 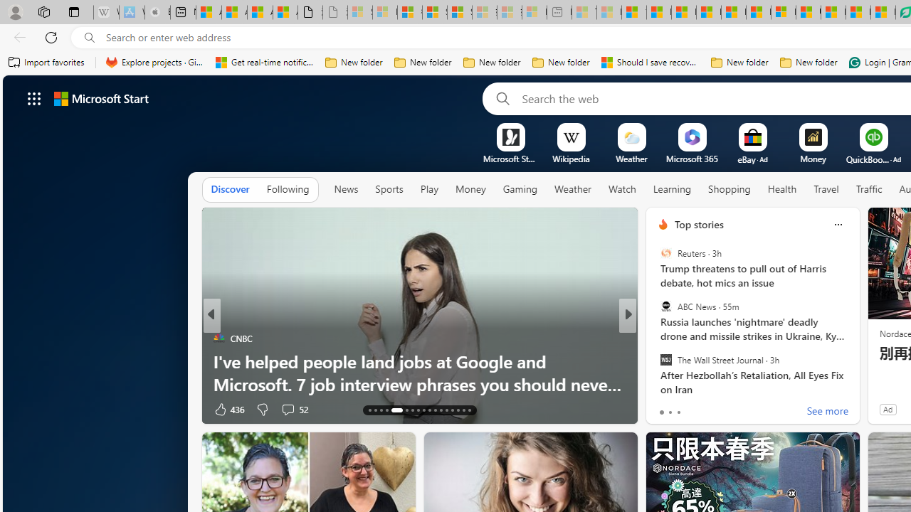 What do you see at coordinates (665, 306) in the screenshot?
I see `'ABC News'` at bounding box center [665, 306].